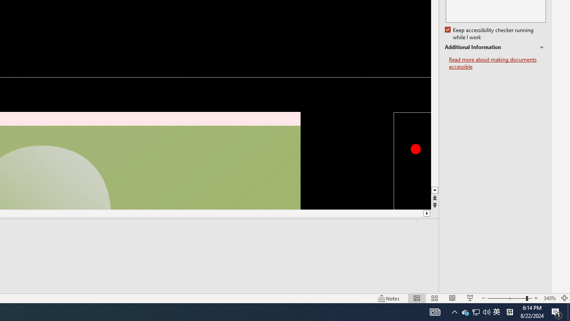 Image resolution: width=570 pixels, height=321 pixels. Describe the element at coordinates (435, 190) in the screenshot. I see `'Line down'` at that location.